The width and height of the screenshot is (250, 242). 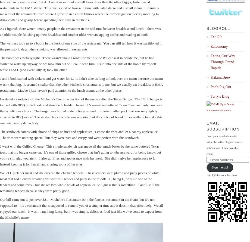 I want to click on 'Our bill came out to just over $21.  Michelle’s Restaurant isn’t the fanciest restaurant in the chain, but it’s not supposed to.  It’s a restaurant that’s supposed to remind you of a simpler time and it doesn’t that effectively.  We all enjoyed our lunch.  It wasn’t anything fancy, but it was simple, delicious food just like we’ve come to expect from the Michelle’s name.', so click(x=81, y=208).